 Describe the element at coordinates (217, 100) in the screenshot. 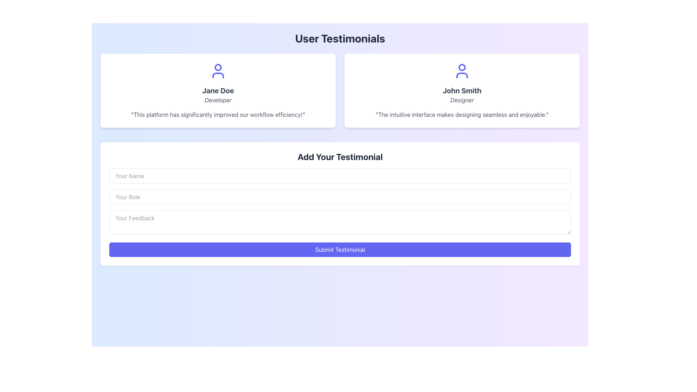

I see `text label displaying 'Developer' which is styled in gray, italicized font and positioned below 'Jane Doe' in the testimonial card` at that location.